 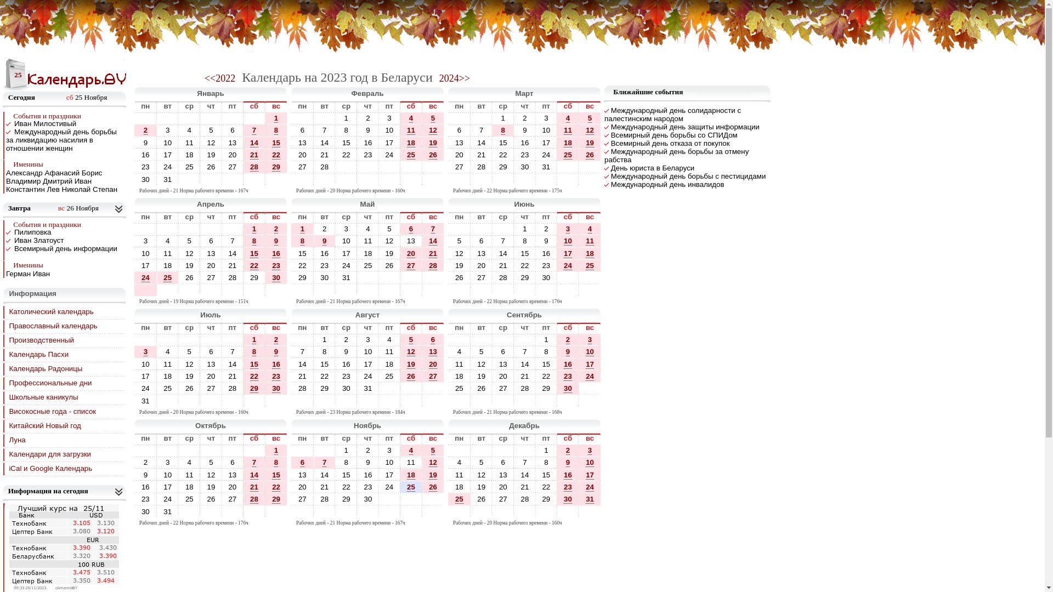 What do you see at coordinates (410, 253) in the screenshot?
I see `'20'` at bounding box center [410, 253].